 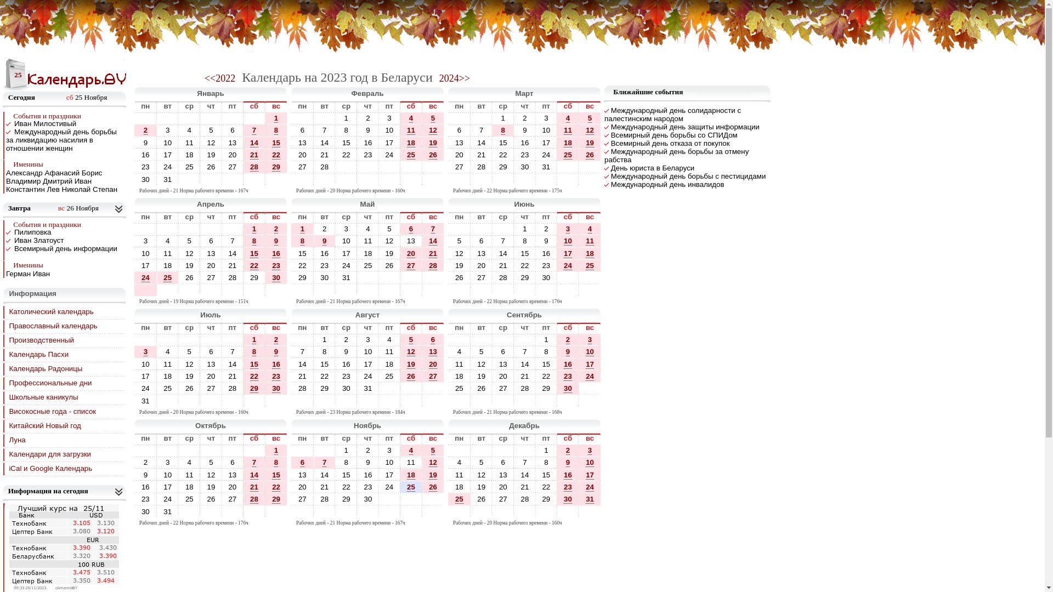 What do you see at coordinates (410, 253) in the screenshot?
I see `'20'` at bounding box center [410, 253].